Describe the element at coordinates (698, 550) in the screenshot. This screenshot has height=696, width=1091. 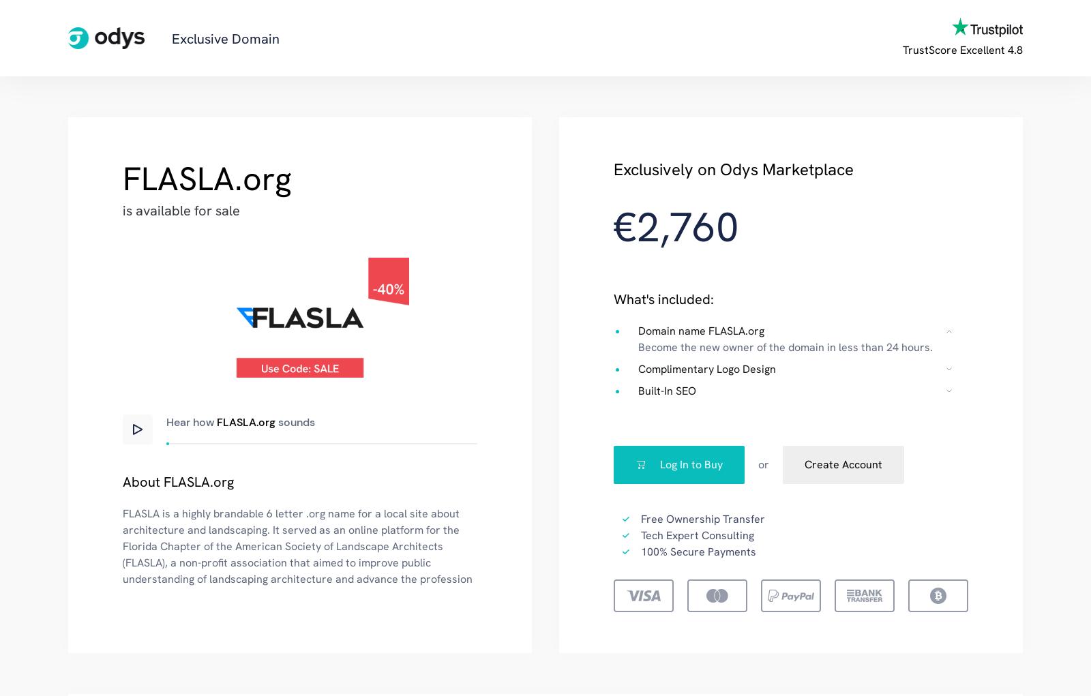
I see `'100% Secure Payments'` at that location.